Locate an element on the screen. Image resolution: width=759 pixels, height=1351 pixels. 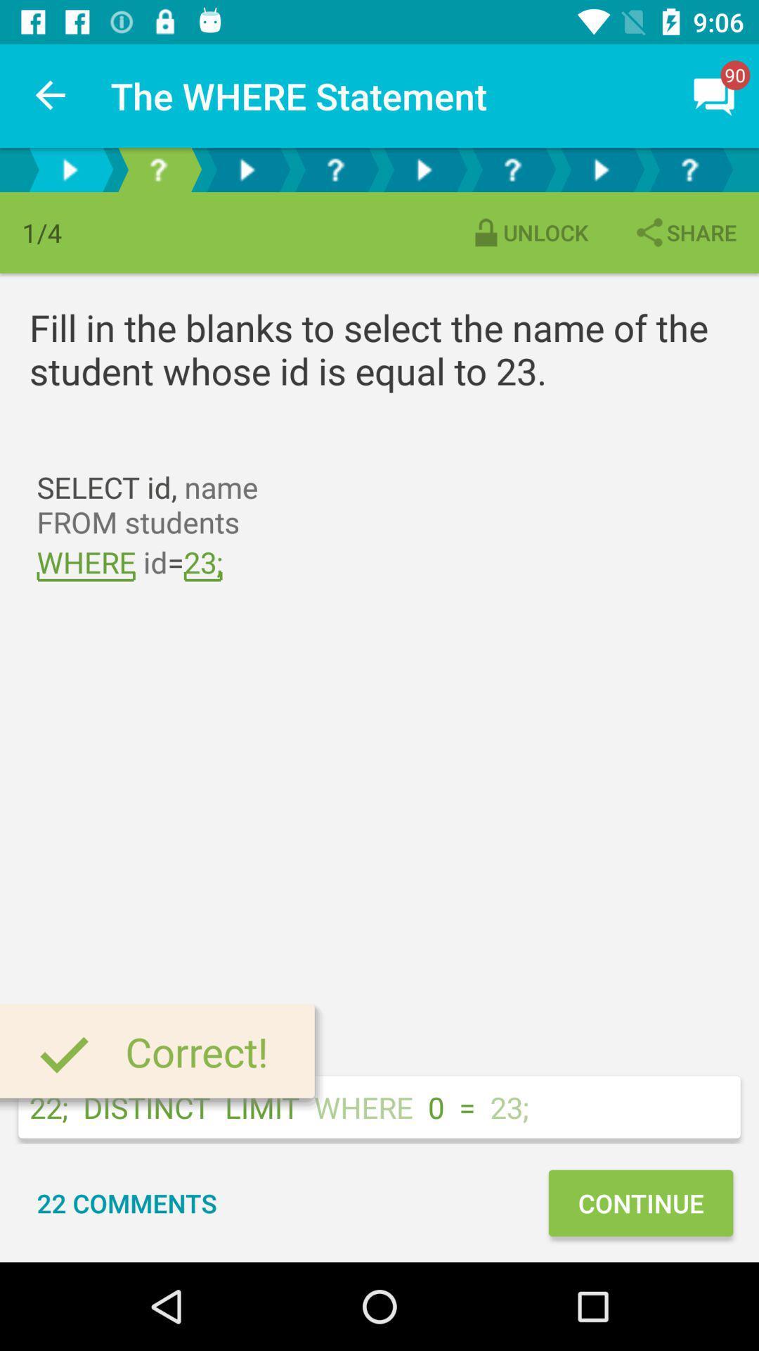
trial question is located at coordinates (157, 169).